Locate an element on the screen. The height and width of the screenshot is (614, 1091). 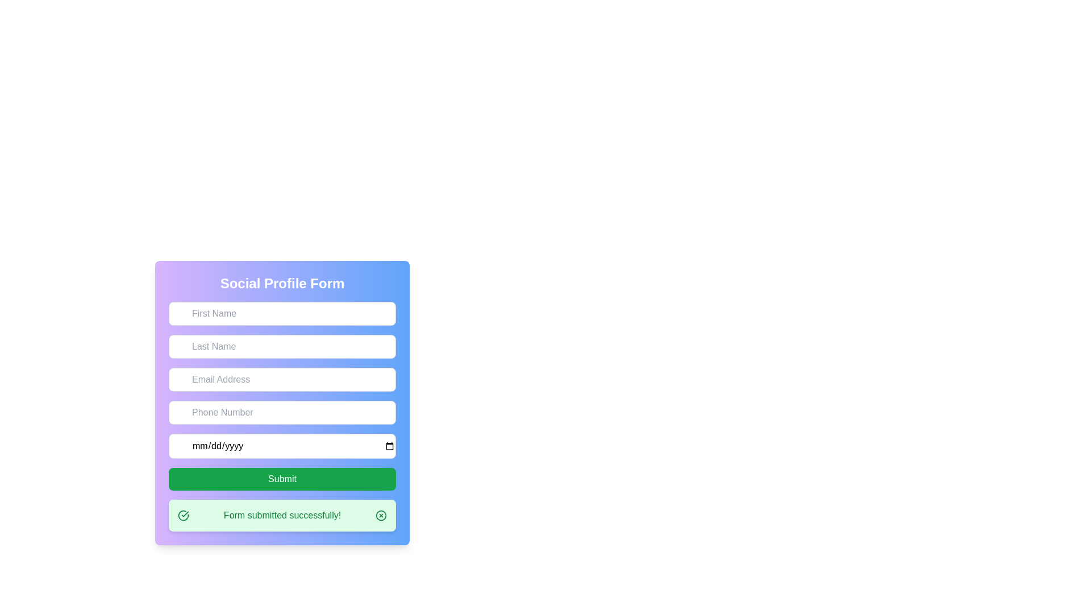
the email input field located in the 'Social Profile Form', which is the third field below the 'Last Name' and above the 'Phone Number' input fields to focus on it is located at coordinates (282, 379).